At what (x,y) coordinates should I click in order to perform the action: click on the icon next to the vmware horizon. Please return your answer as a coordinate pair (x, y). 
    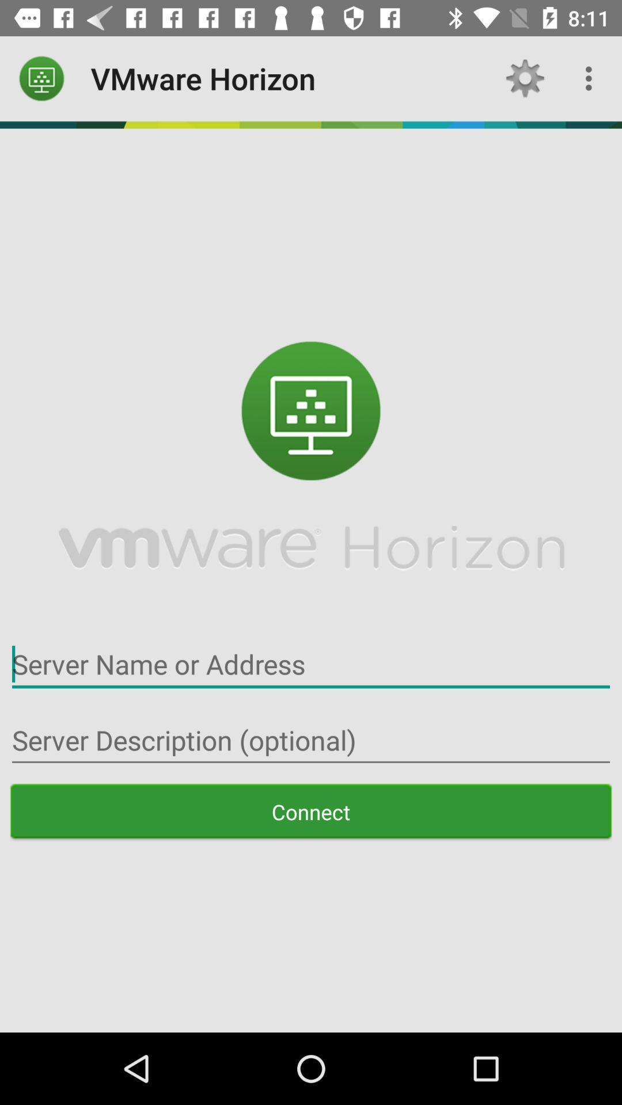
    Looking at the image, I should click on (525, 78).